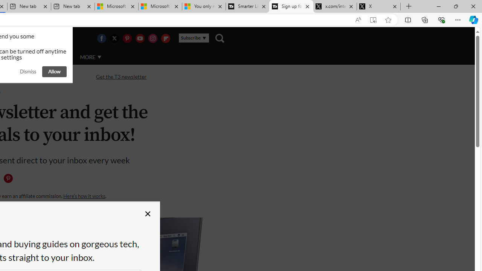 The height and width of the screenshot is (271, 482). What do you see at coordinates (373, 20) in the screenshot?
I see `'Enter Immersive Reader (F9)'` at bounding box center [373, 20].